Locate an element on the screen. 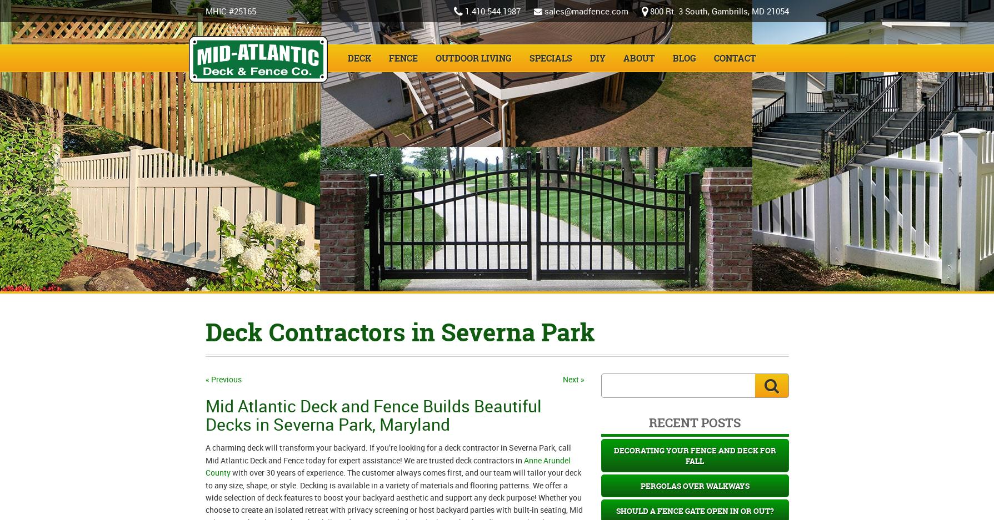  'sales@madfence.com' is located at coordinates (585, 10).